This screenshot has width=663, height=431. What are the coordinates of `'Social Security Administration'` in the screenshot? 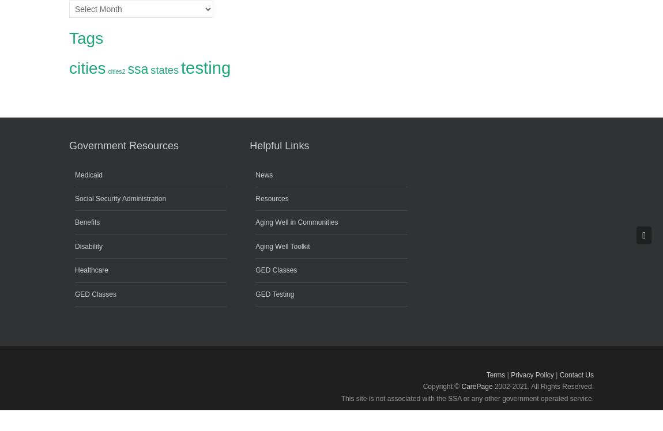 It's located at (119, 198).